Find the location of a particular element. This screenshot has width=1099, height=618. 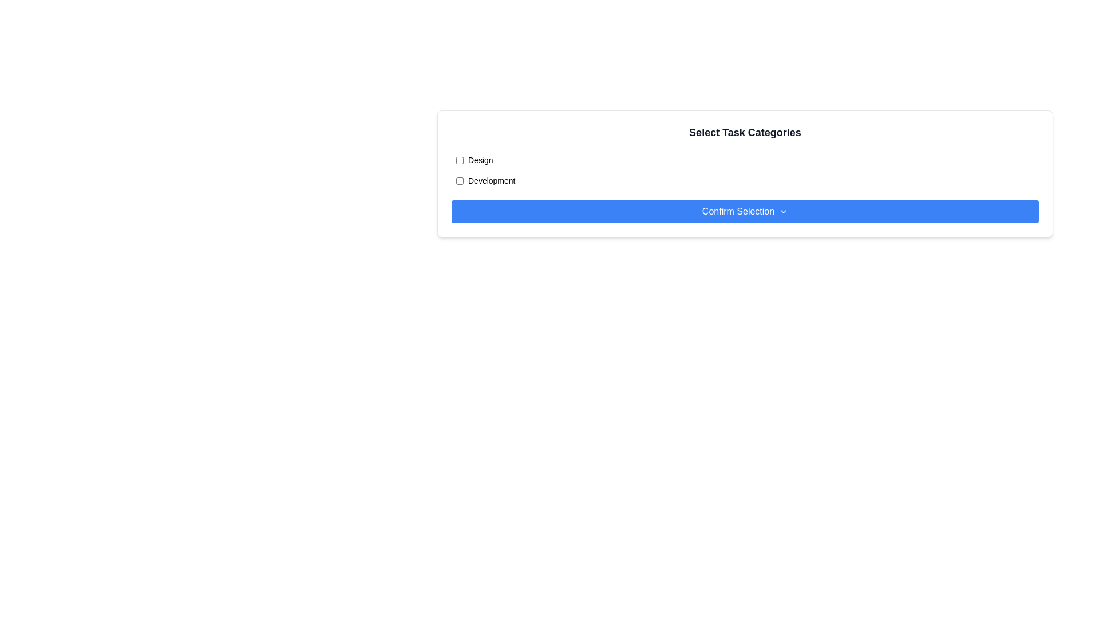

the chevron-down icon located inside the 'Confirm Selection' button, positioned near the right end of the button is located at coordinates (783, 212).